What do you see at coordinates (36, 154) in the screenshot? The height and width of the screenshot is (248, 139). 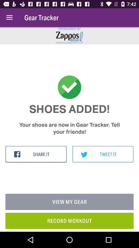 I see `share it item` at bounding box center [36, 154].